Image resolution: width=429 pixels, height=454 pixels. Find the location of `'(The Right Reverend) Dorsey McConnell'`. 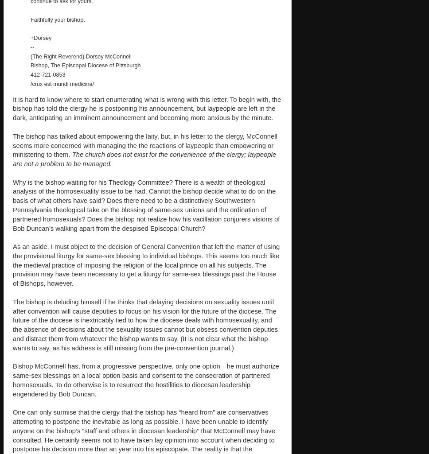

'(The Right Reverend) Dorsey McConnell' is located at coordinates (81, 56).